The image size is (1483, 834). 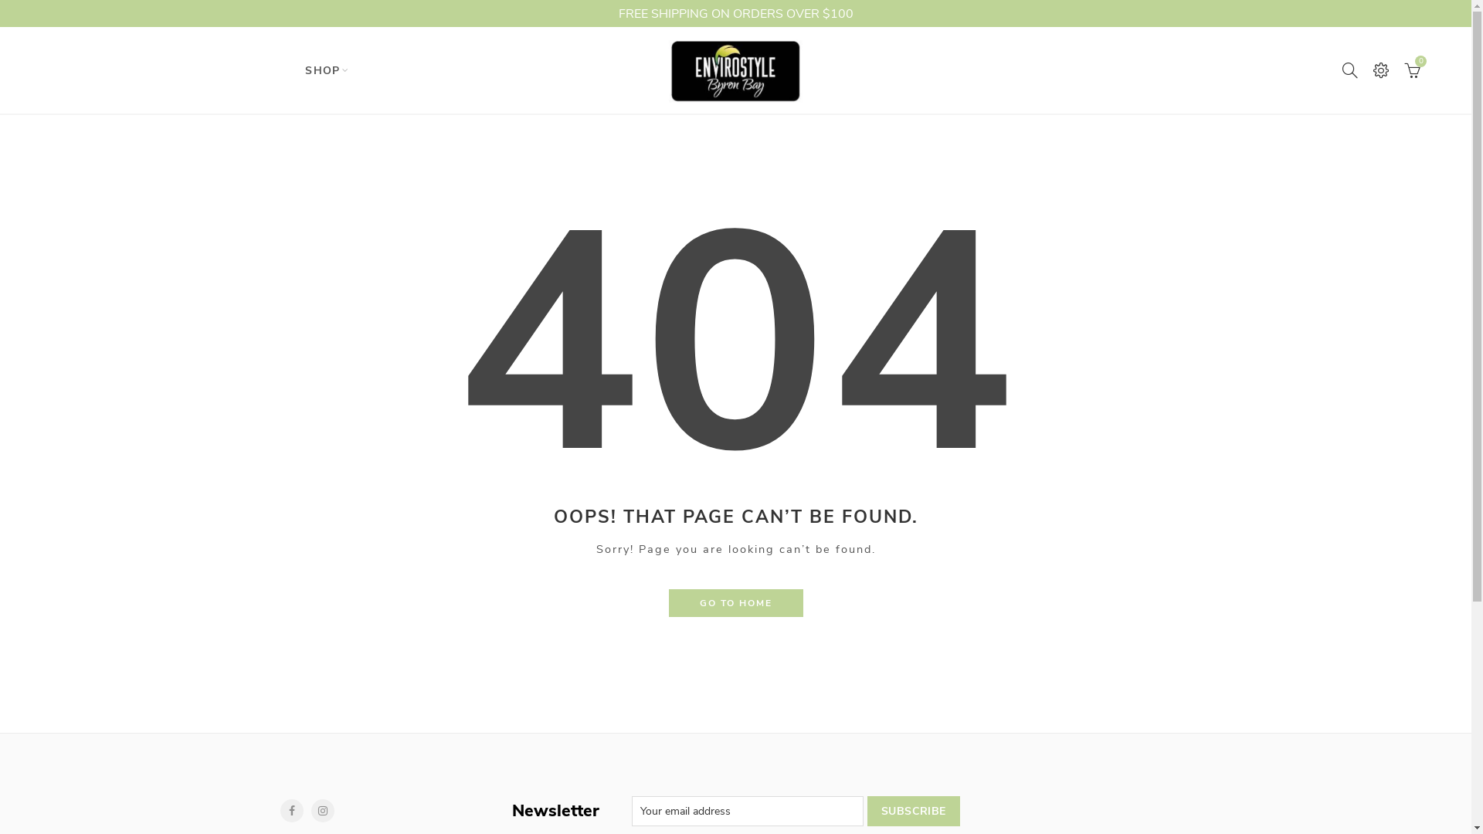 What do you see at coordinates (321, 70) in the screenshot?
I see `'SHOP'` at bounding box center [321, 70].